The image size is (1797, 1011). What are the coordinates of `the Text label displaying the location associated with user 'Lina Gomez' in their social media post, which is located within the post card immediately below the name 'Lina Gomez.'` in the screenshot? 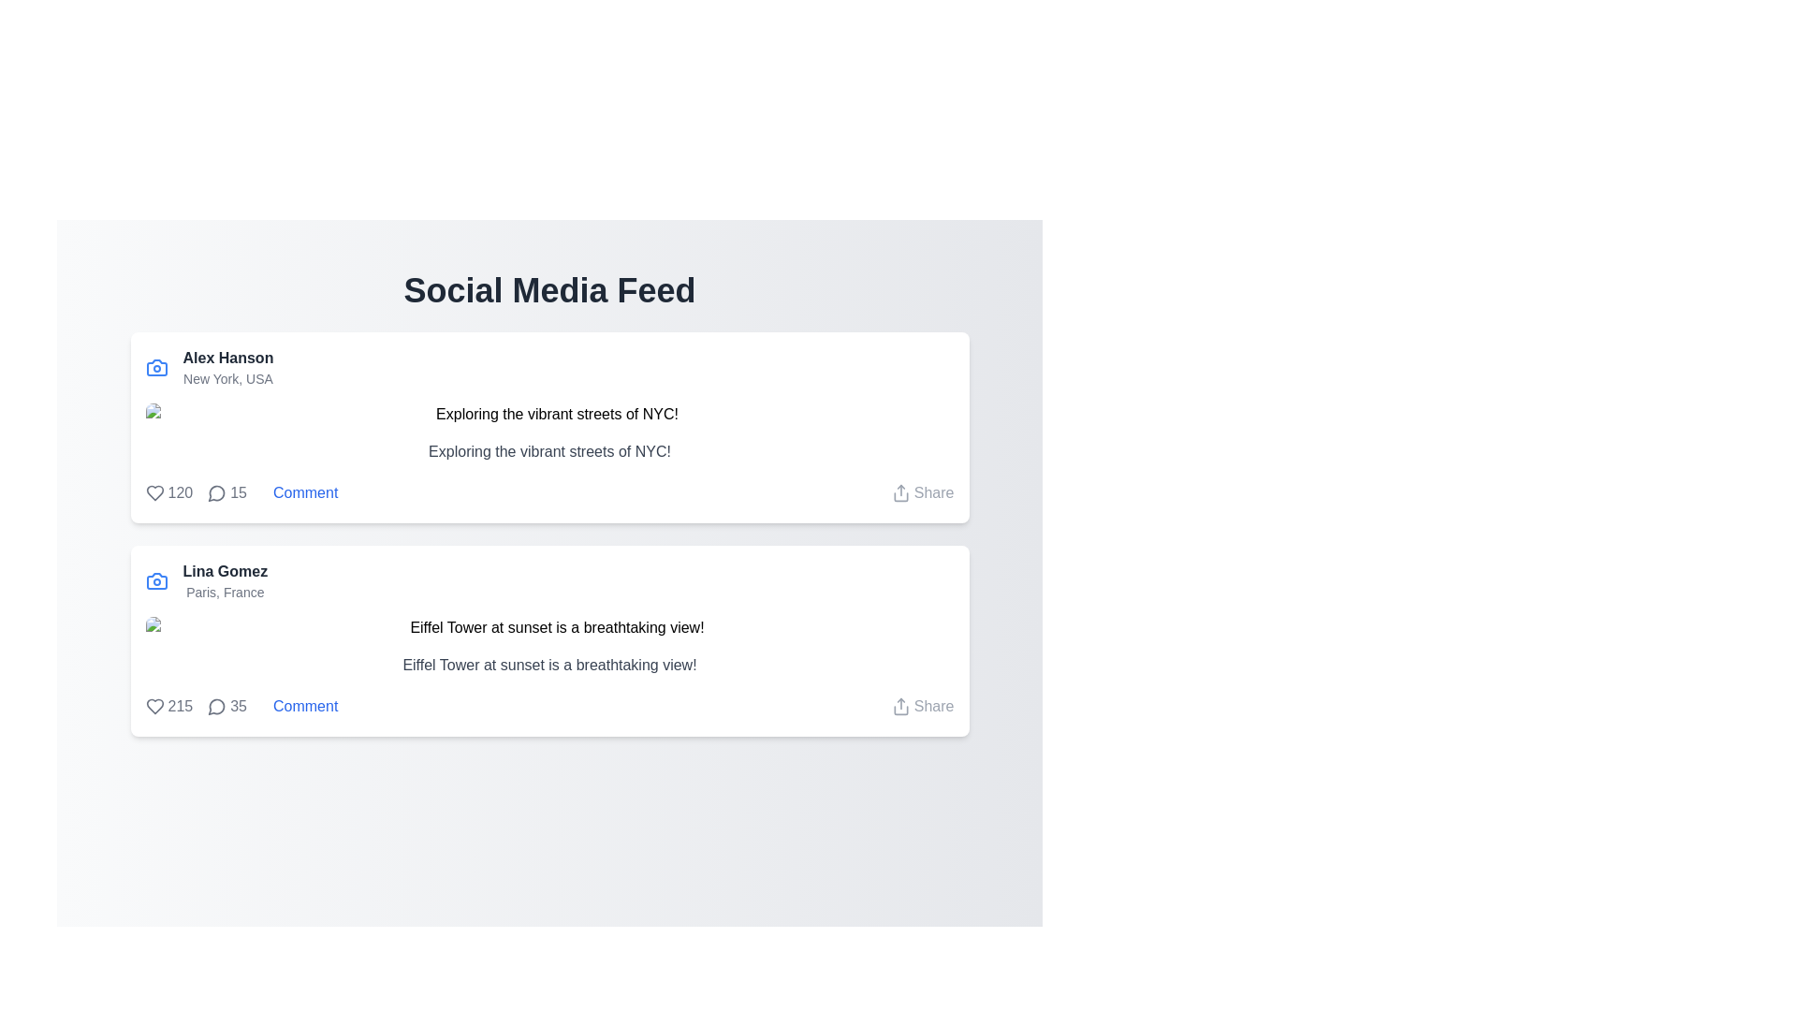 It's located at (225, 592).